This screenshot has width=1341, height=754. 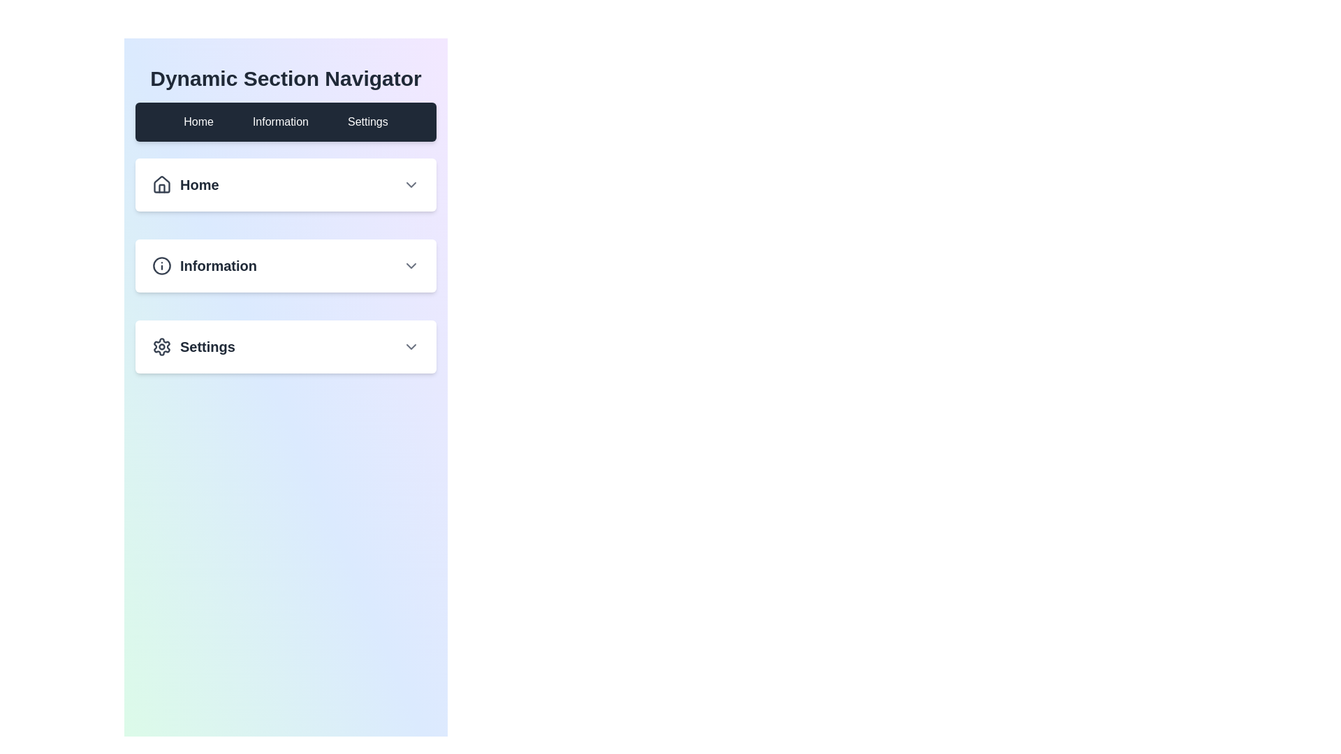 What do you see at coordinates (411, 184) in the screenshot?
I see `the chevron icon located to the right of the 'Home' text in the 'Home' section` at bounding box center [411, 184].